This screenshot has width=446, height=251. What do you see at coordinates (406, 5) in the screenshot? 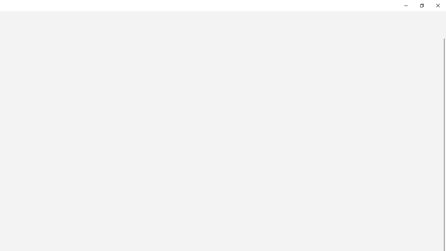
I see `'Minimize Feedback Hub'` at bounding box center [406, 5].